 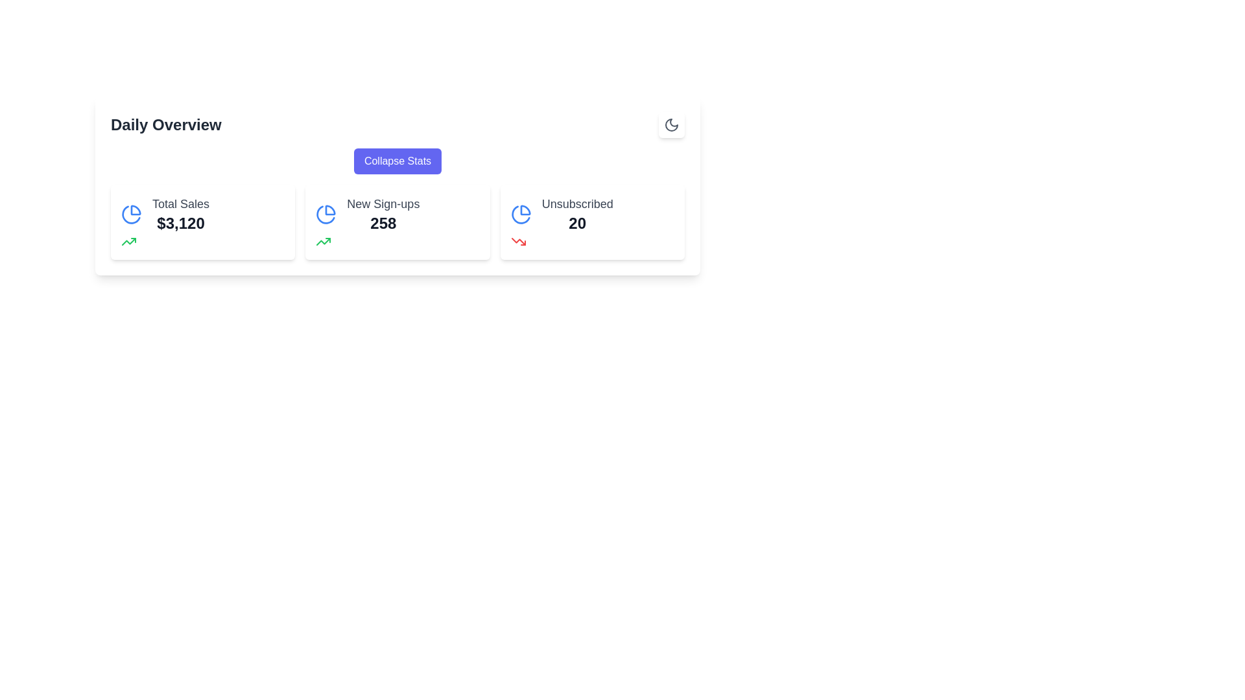 What do you see at coordinates (128, 242) in the screenshot?
I see `attributes of the upward trend icon located in the 'Daily Overview' section below the 'Total Sales' numerical value` at bounding box center [128, 242].